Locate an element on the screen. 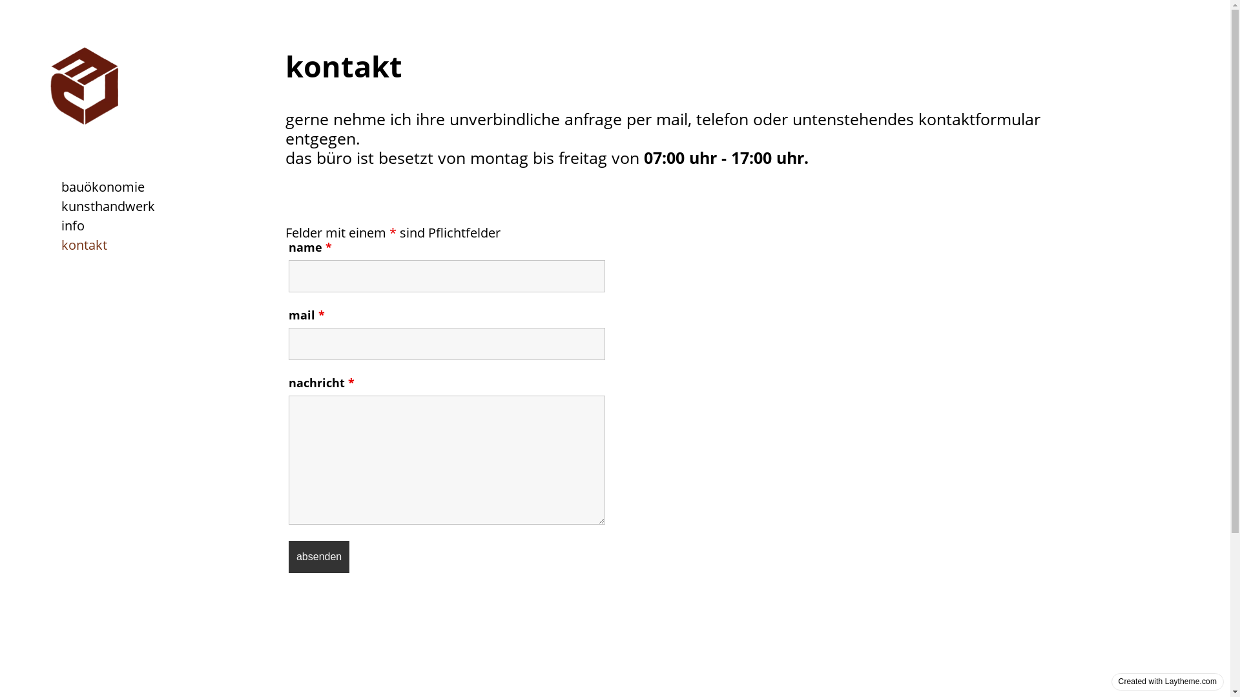  'kunsthandwerk' is located at coordinates (108, 205).